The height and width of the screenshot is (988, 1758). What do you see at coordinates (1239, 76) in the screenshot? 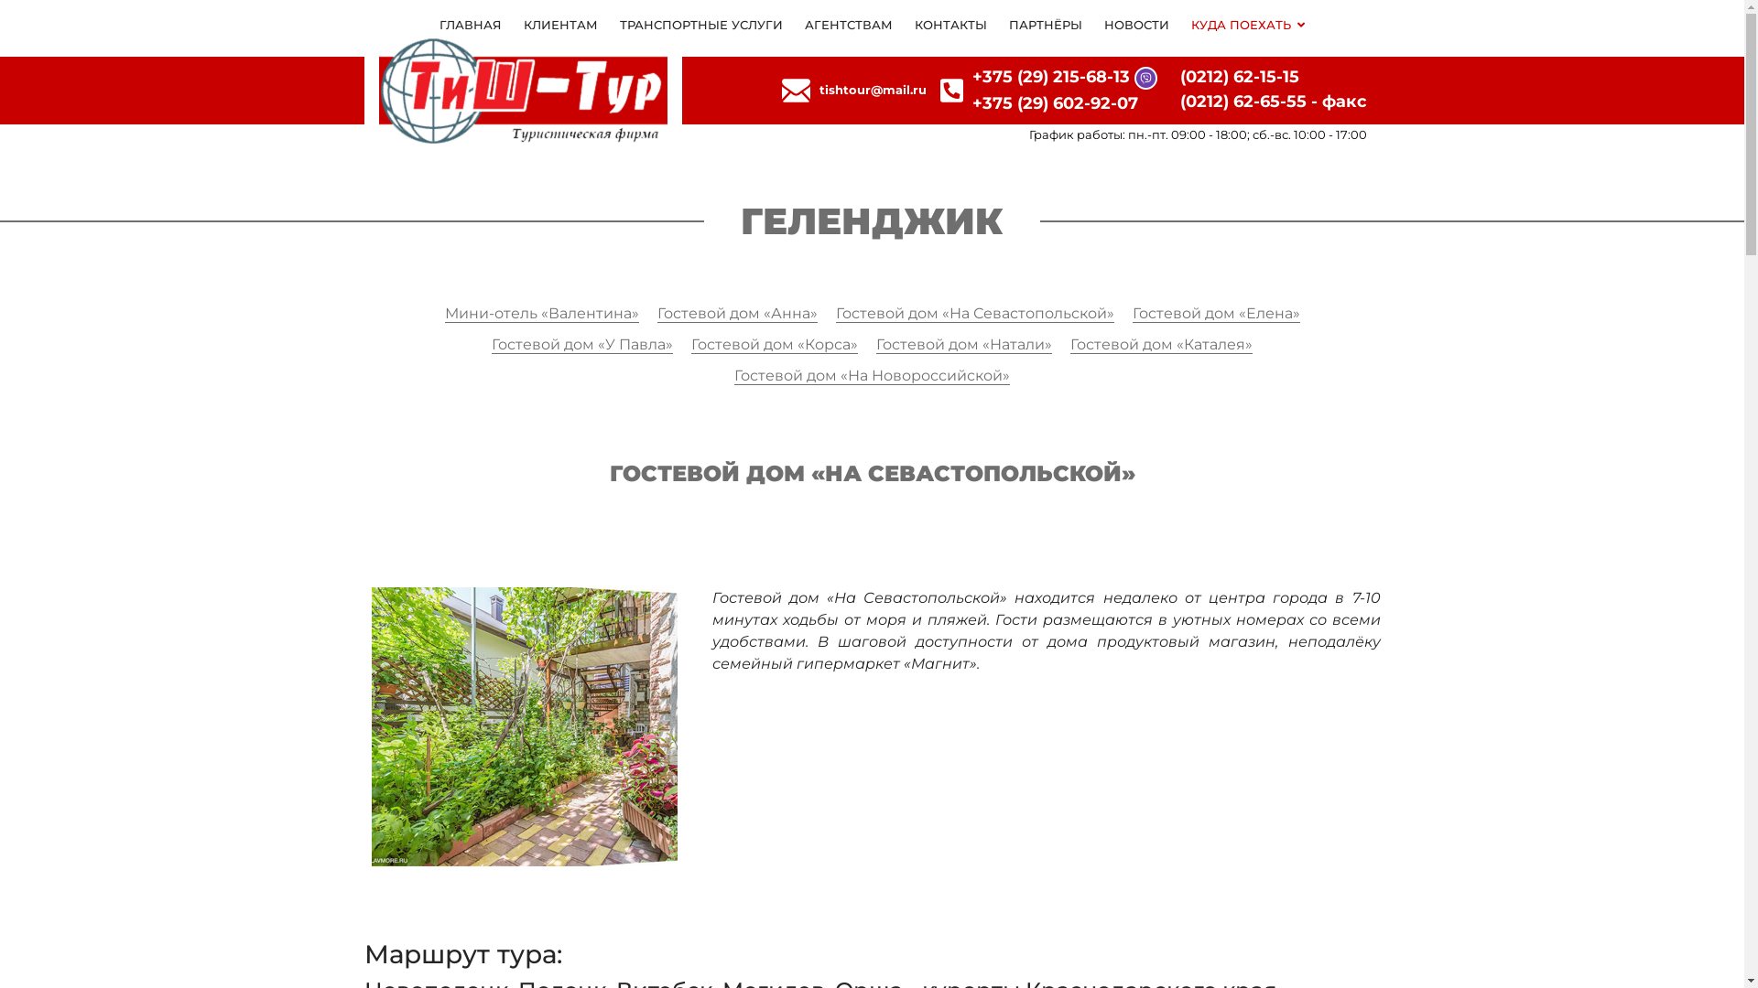
I see `'(0212) 62-15-15'` at bounding box center [1239, 76].